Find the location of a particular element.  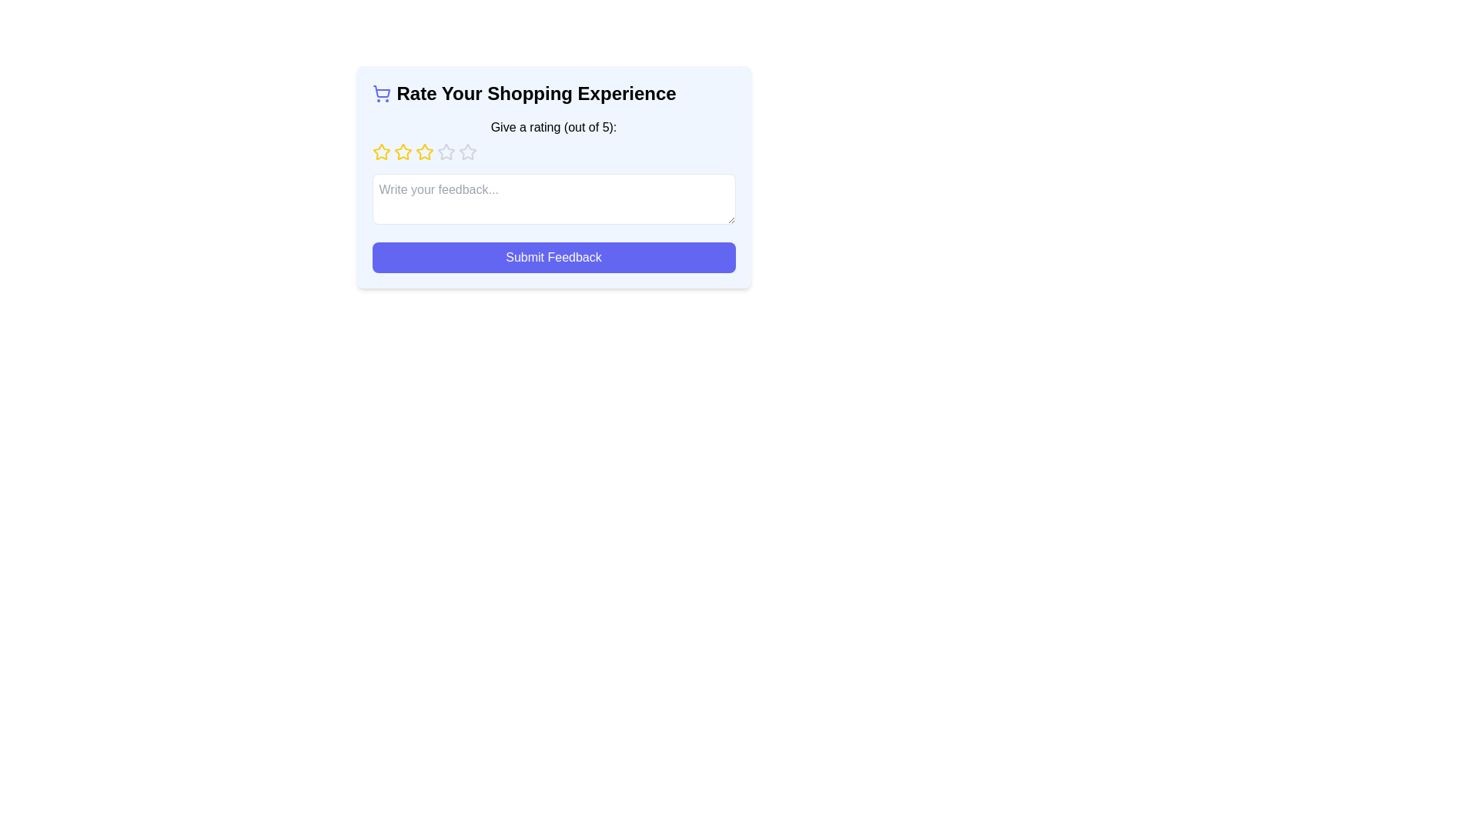

the 'Submit Feedback' button with keyboard navigation is located at coordinates (553, 257).